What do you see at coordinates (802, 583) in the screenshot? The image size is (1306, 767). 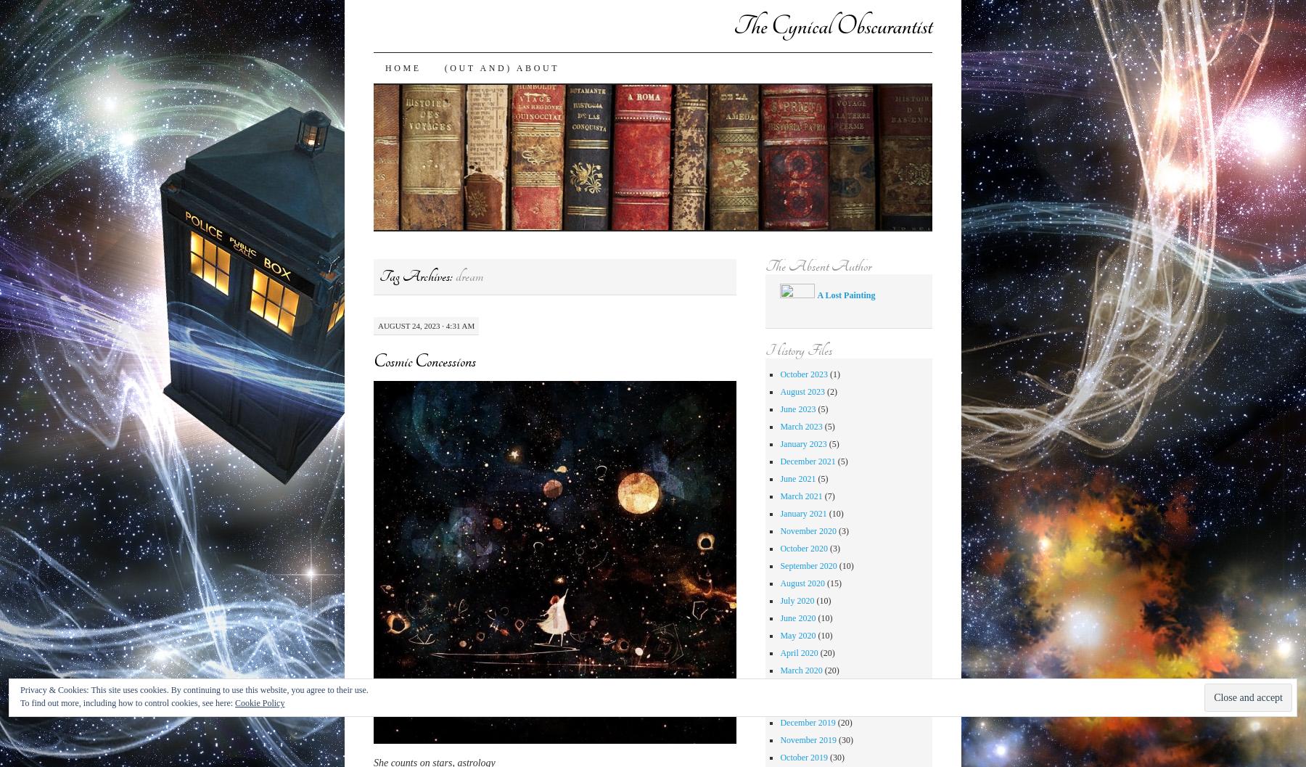 I see `'August 2020'` at bounding box center [802, 583].